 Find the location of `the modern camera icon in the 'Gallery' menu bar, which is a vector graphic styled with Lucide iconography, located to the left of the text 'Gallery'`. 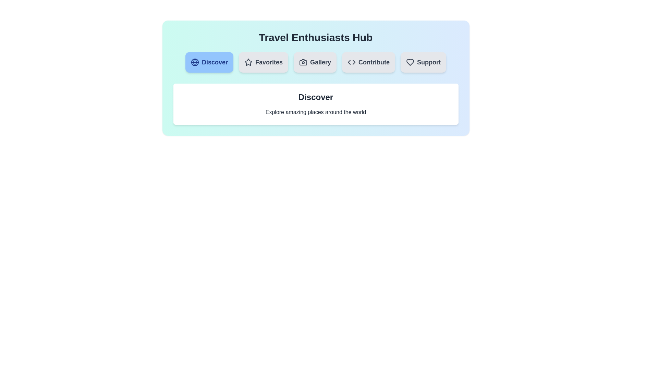

the modern camera icon in the 'Gallery' menu bar, which is a vector graphic styled with Lucide iconography, located to the left of the text 'Gallery' is located at coordinates (303, 62).